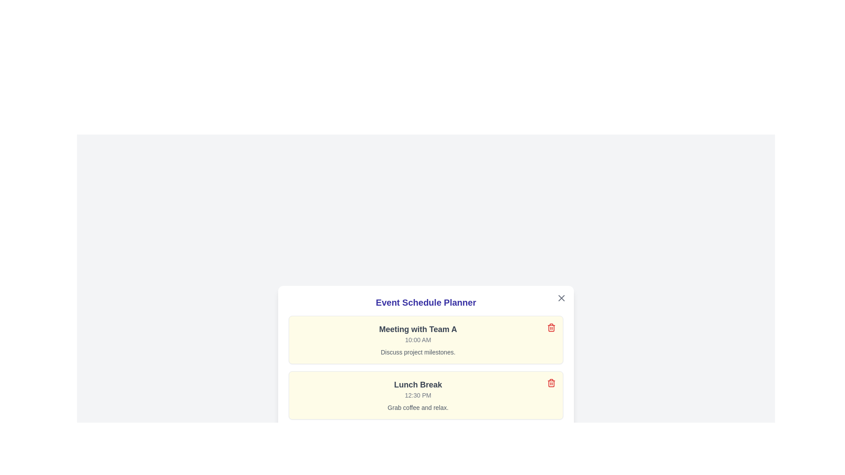 The image size is (845, 475). What do you see at coordinates (418, 384) in the screenshot?
I see `the 'Lunch Break' header label, which is styled with a bold font in dark gray on a light cream background, located in the lower section of the 'Event Schedule Planner' interface` at bounding box center [418, 384].